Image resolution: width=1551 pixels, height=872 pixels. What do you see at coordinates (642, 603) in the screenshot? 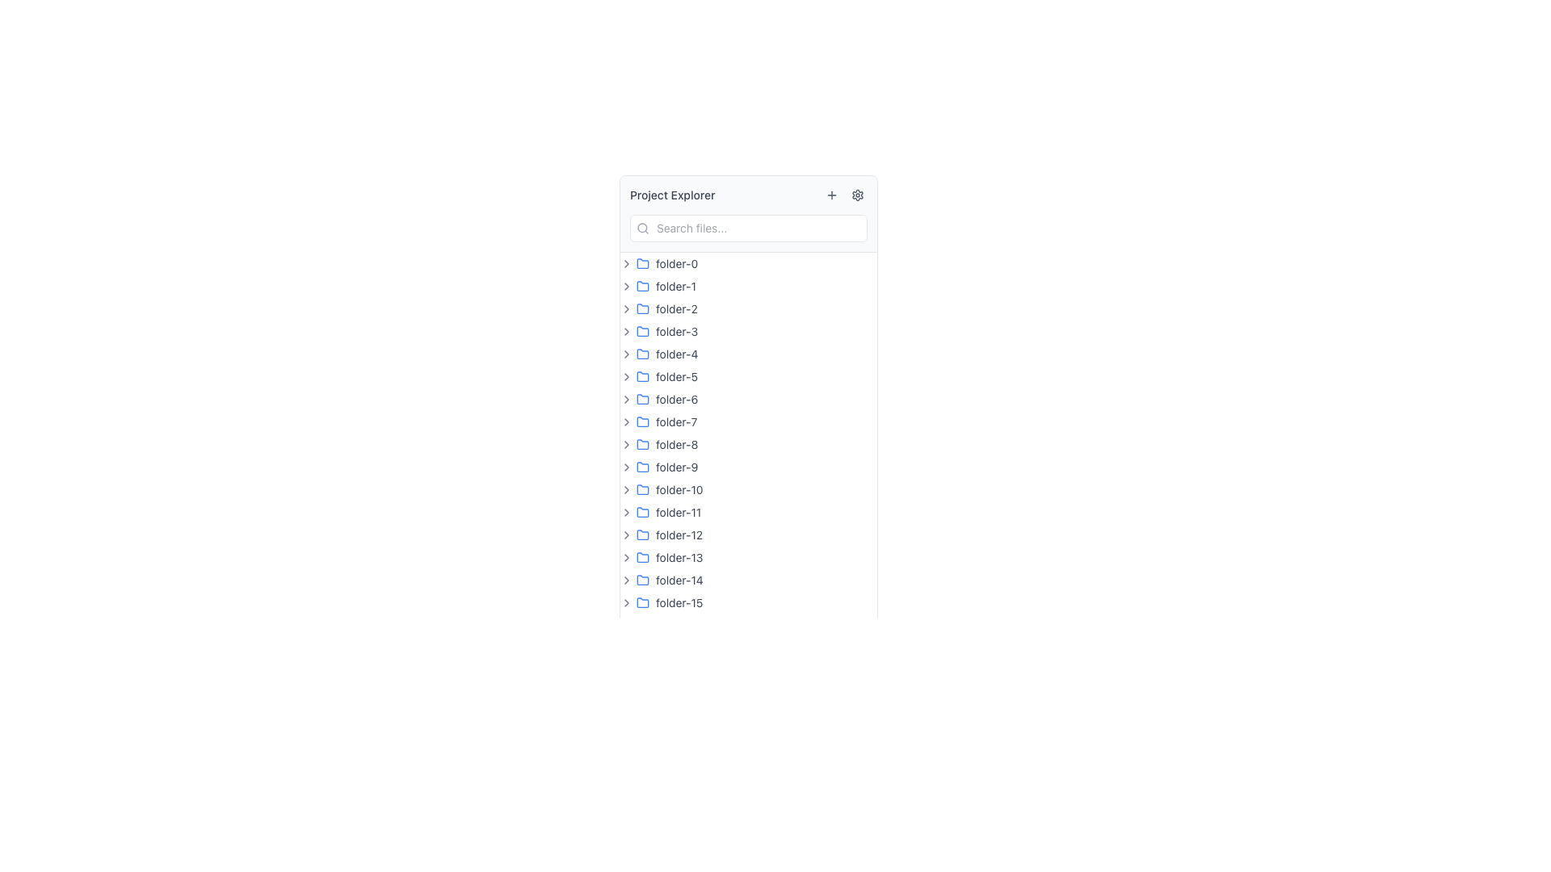
I see `the folder icon for the 'folder-15' item in the project explorer list, which is positioned to the left of its text label` at bounding box center [642, 603].